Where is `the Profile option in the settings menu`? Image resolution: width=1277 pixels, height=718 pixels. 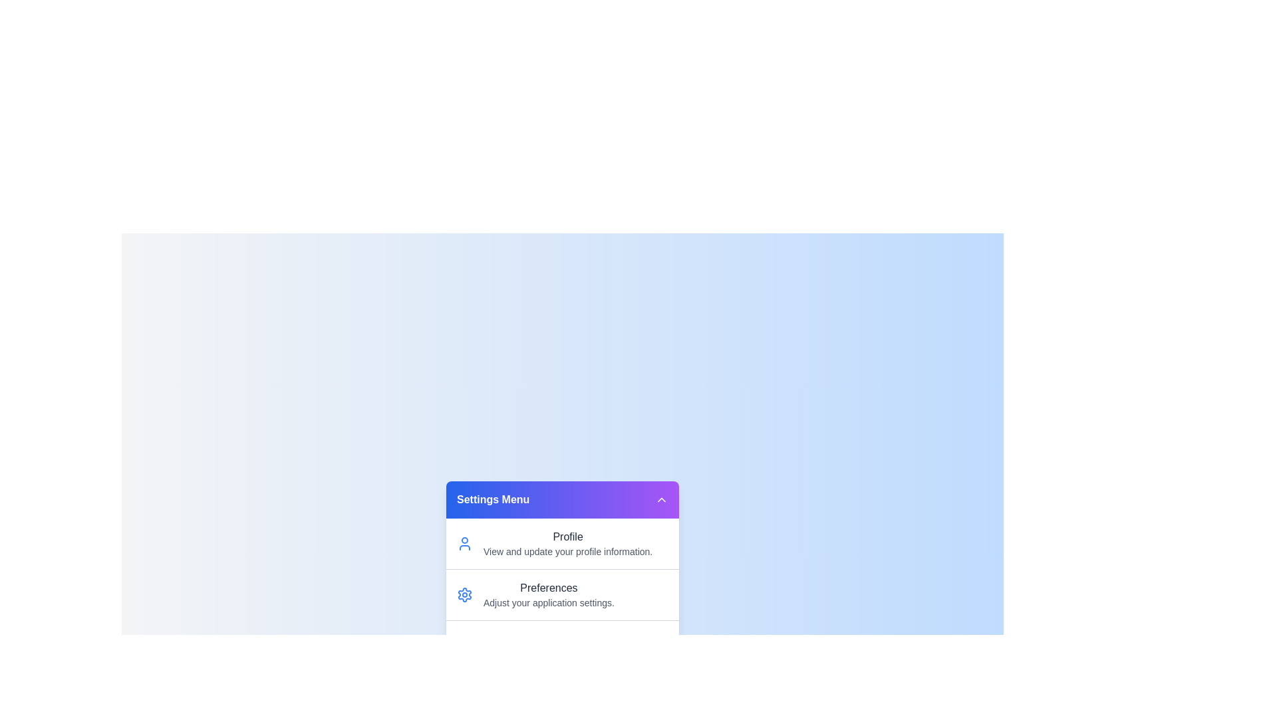
the Profile option in the settings menu is located at coordinates (562, 543).